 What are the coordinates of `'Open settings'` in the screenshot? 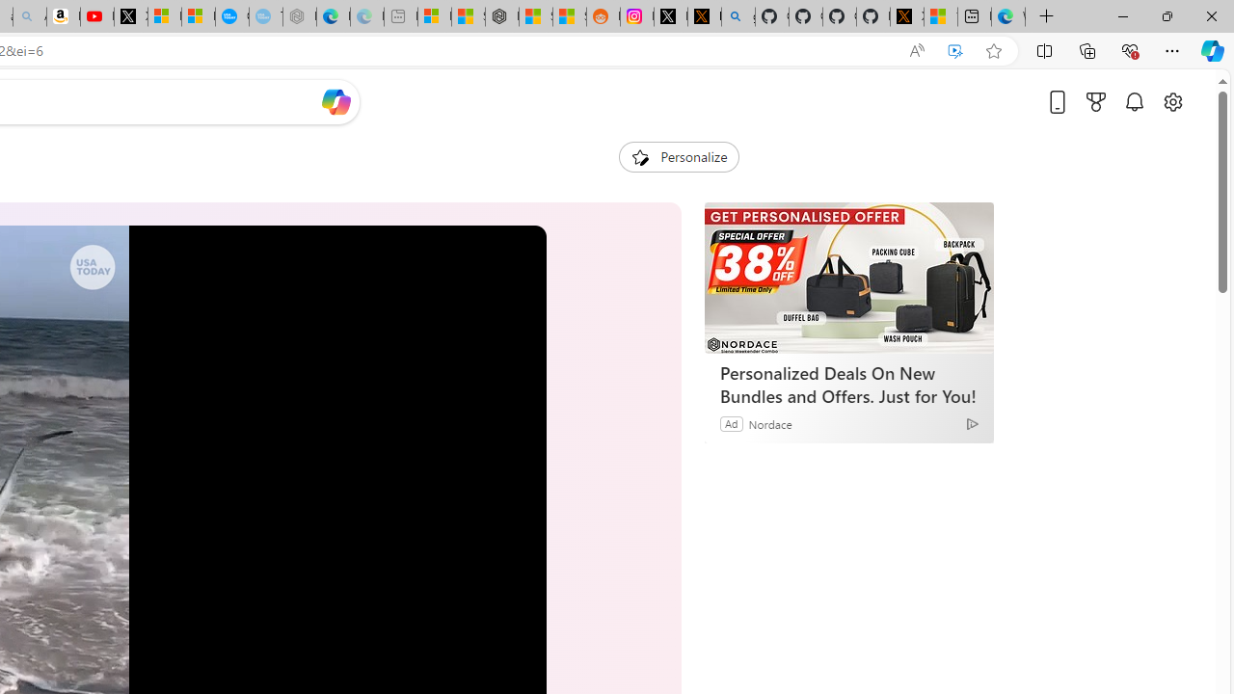 It's located at (1171, 101).